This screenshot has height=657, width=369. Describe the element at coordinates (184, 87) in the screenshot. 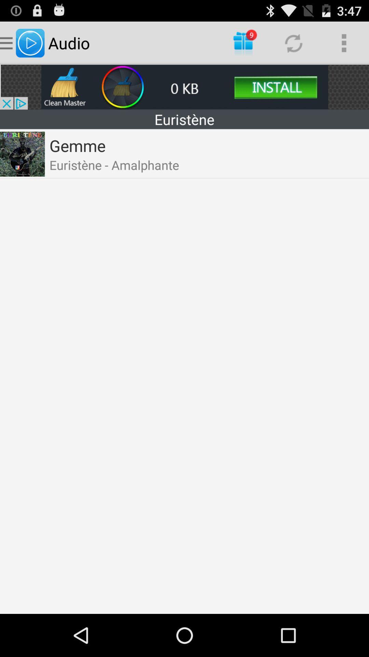

I see `advertising` at that location.